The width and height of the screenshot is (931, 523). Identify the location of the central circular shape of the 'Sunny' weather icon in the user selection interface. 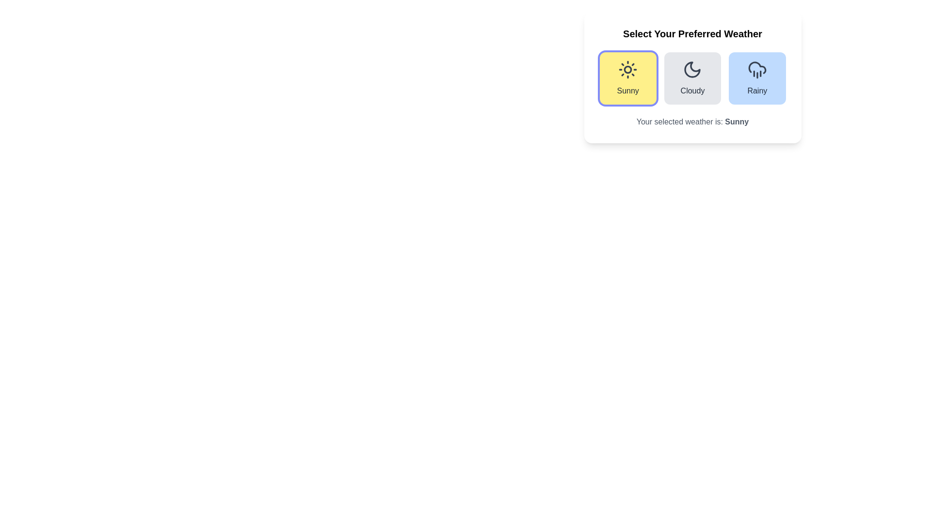
(628, 69).